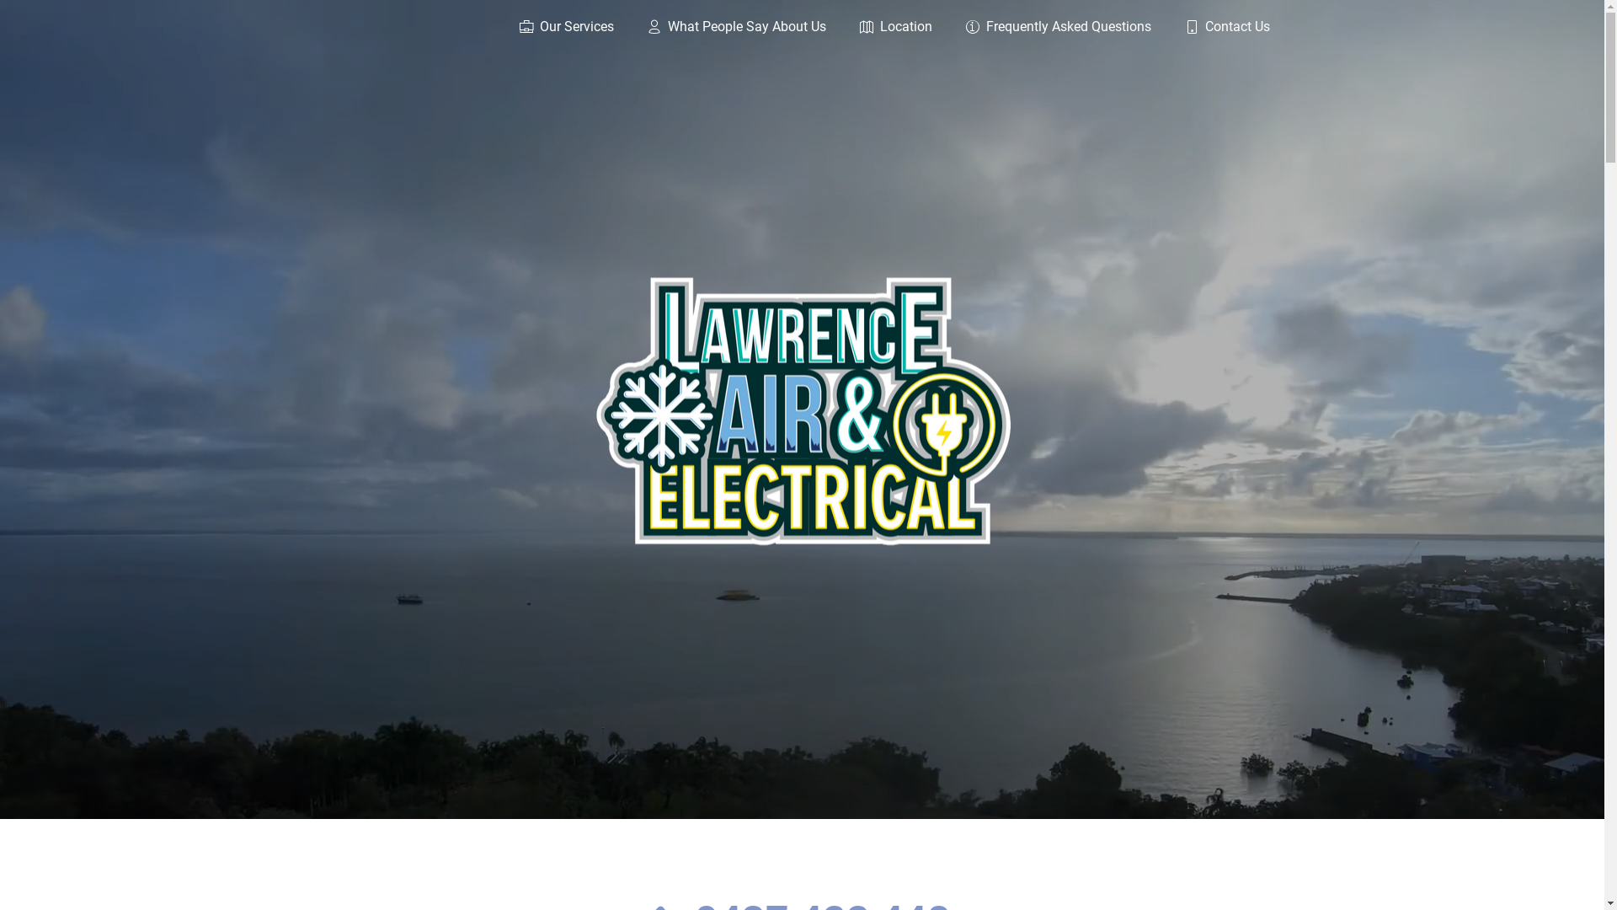 This screenshot has height=910, width=1617. Describe the element at coordinates (877, 29) in the screenshot. I see `'  Location'` at that location.